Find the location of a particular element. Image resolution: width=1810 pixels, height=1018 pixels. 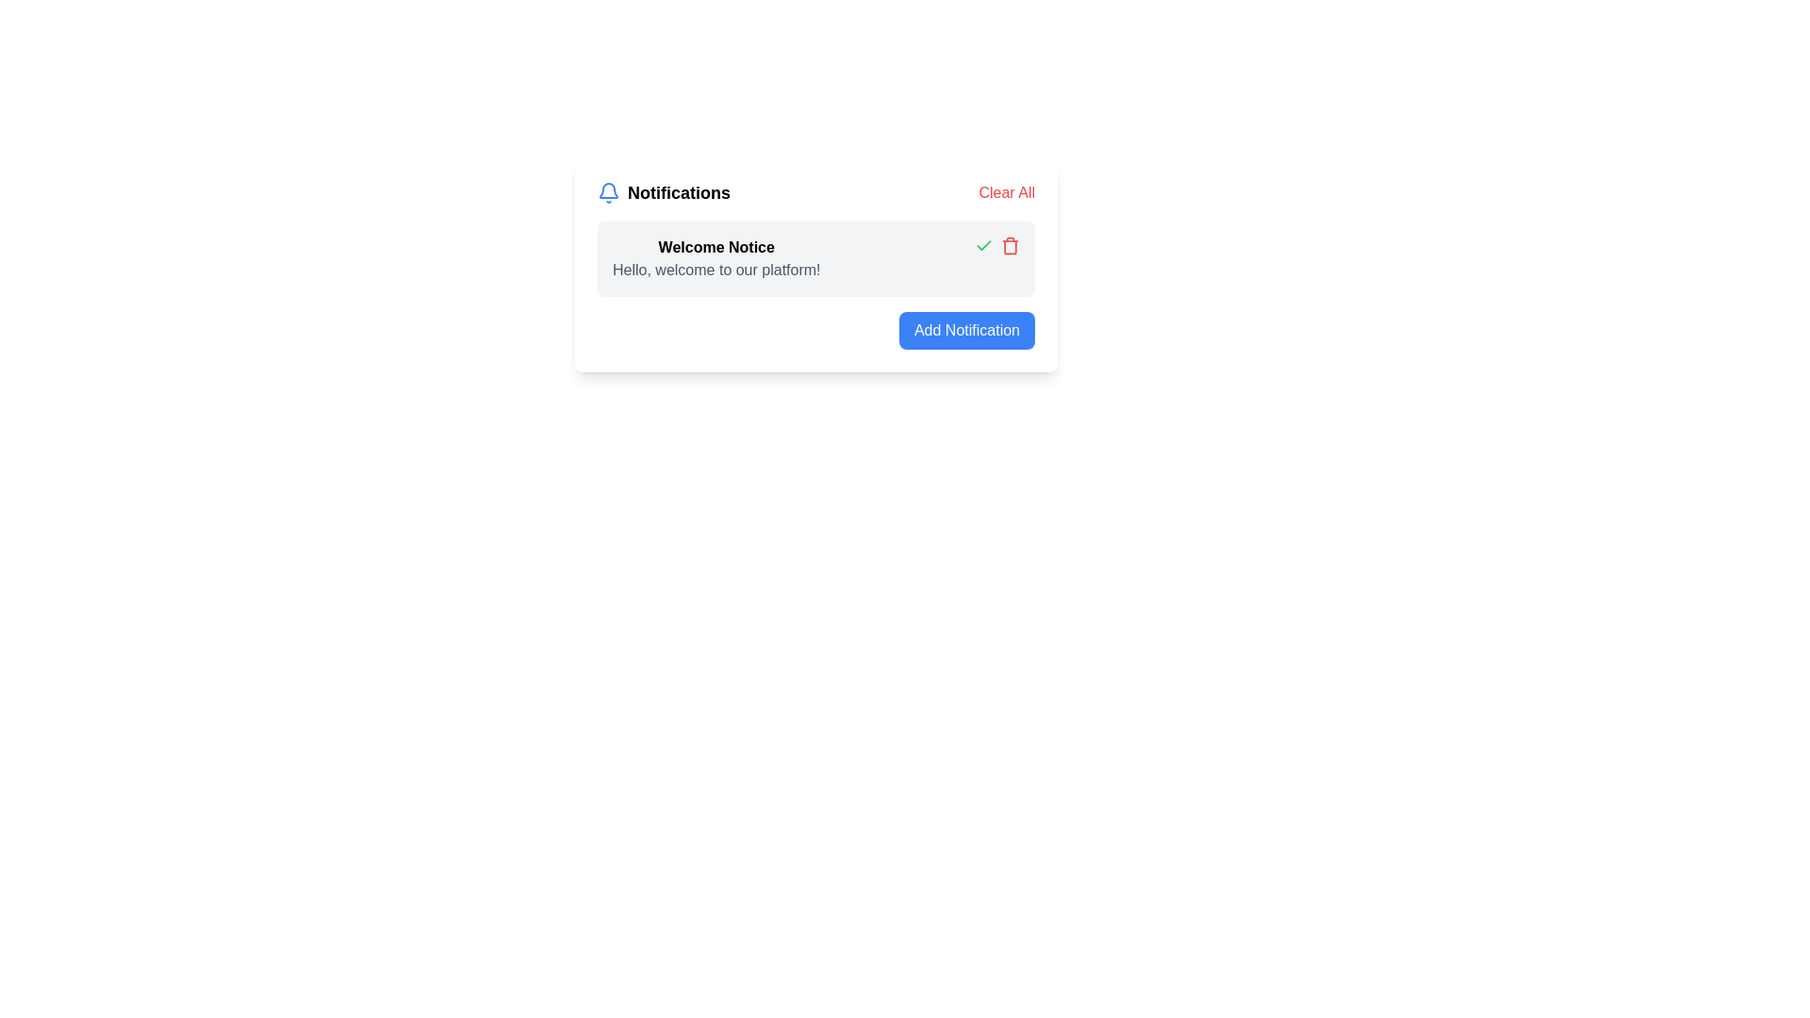

welcome message text block located within the notifications interface, positioned below the title 'Notifications' in the main notification card is located at coordinates (716, 258).